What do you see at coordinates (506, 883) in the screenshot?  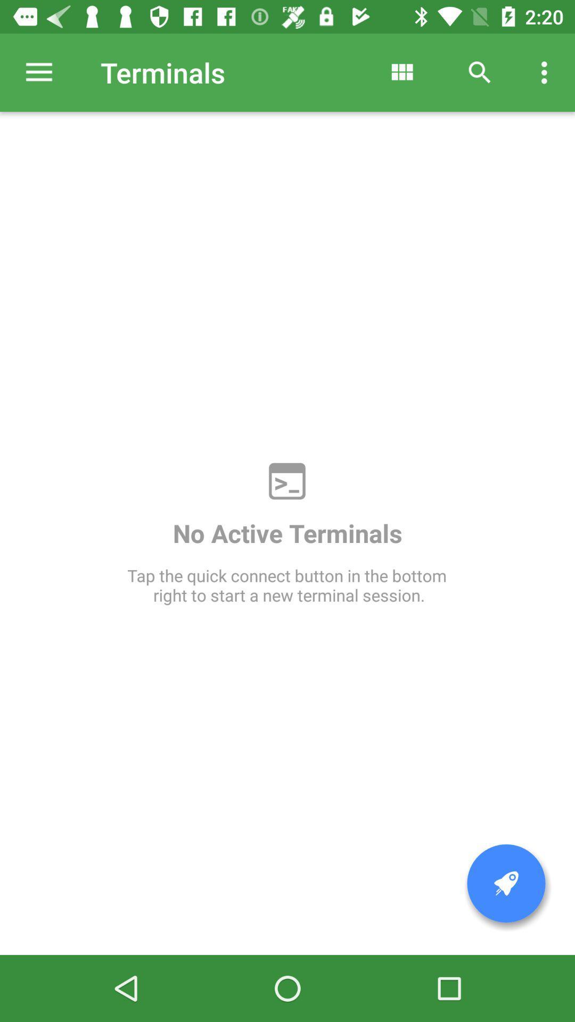 I see `start new terminal session` at bounding box center [506, 883].